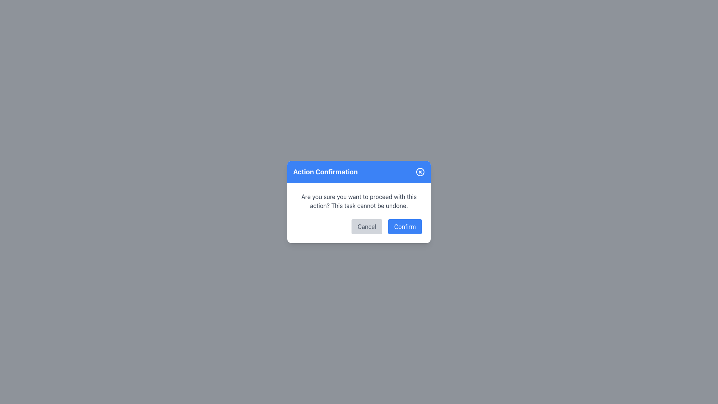 Image resolution: width=718 pixels, height=404 pixels. Describe the element at coordinates (359, 172) in the screenshot. I see `the header bar of the modal dialog titled 'Action Confirmation'` at that location.